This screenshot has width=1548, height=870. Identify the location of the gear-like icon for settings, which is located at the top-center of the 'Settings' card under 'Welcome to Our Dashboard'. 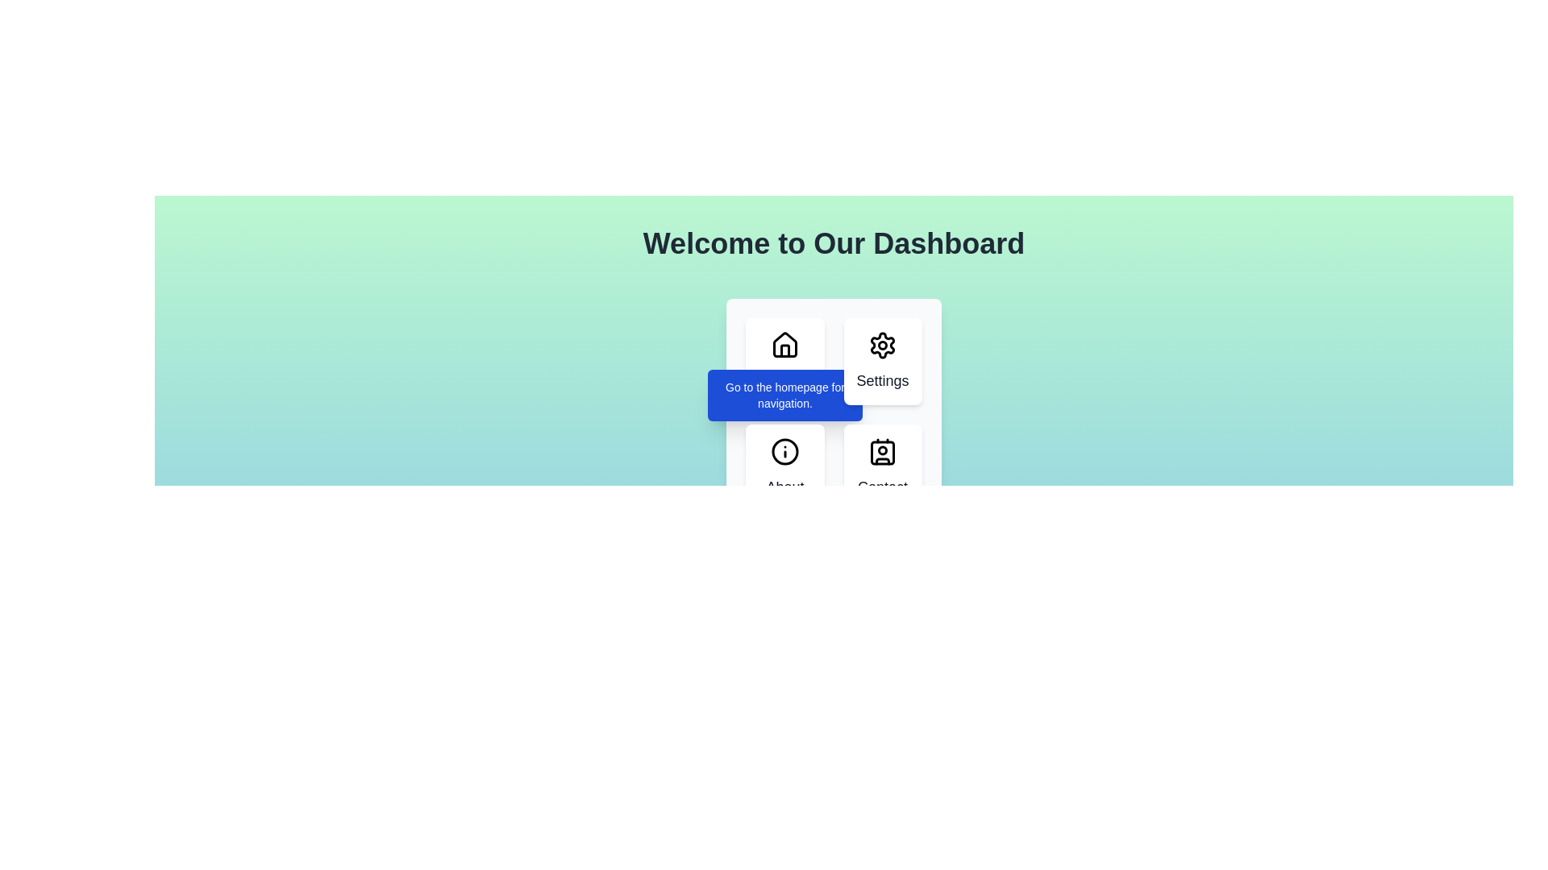
(881, 344).